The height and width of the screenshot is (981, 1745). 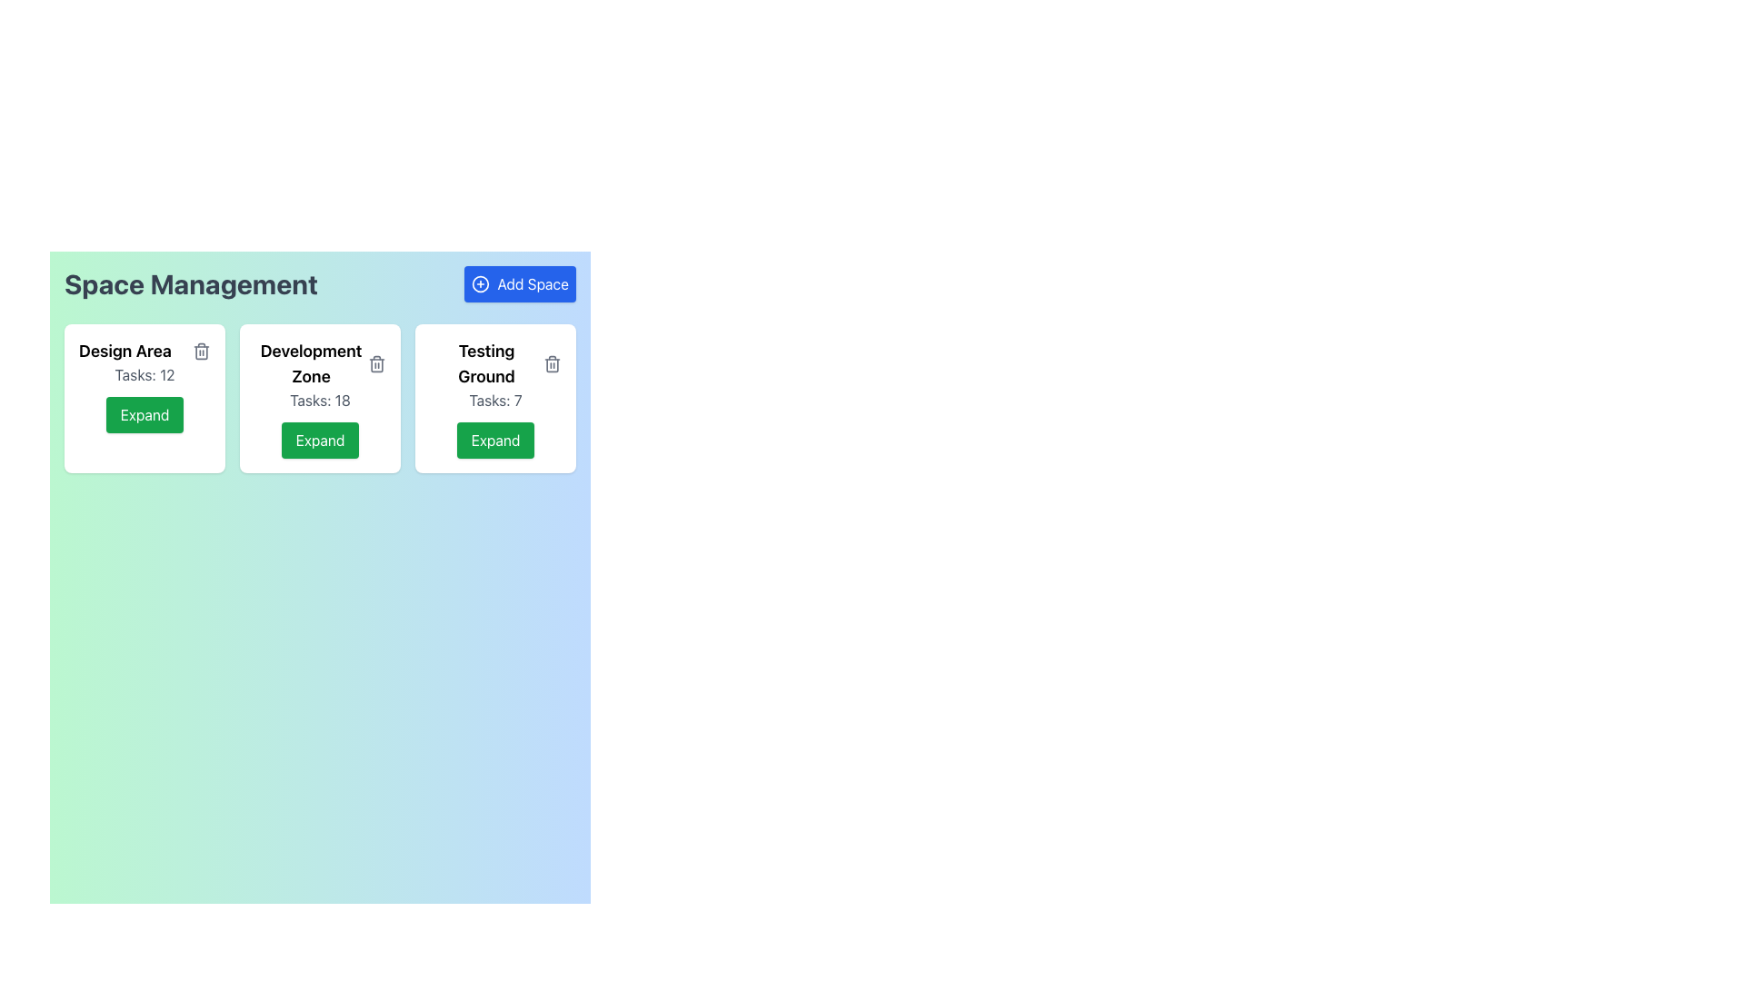 I want to click on the button located in the top-right corner of the 'Space Management' section, so click(x=519, y=283).